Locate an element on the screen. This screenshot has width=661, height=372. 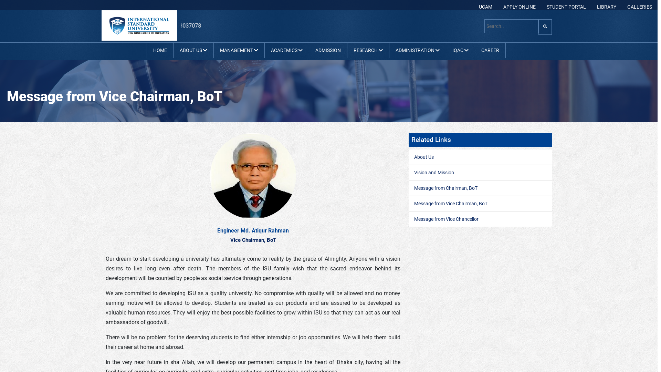
'Message from Vice Chancellor' is located at coordinates (446, 219).